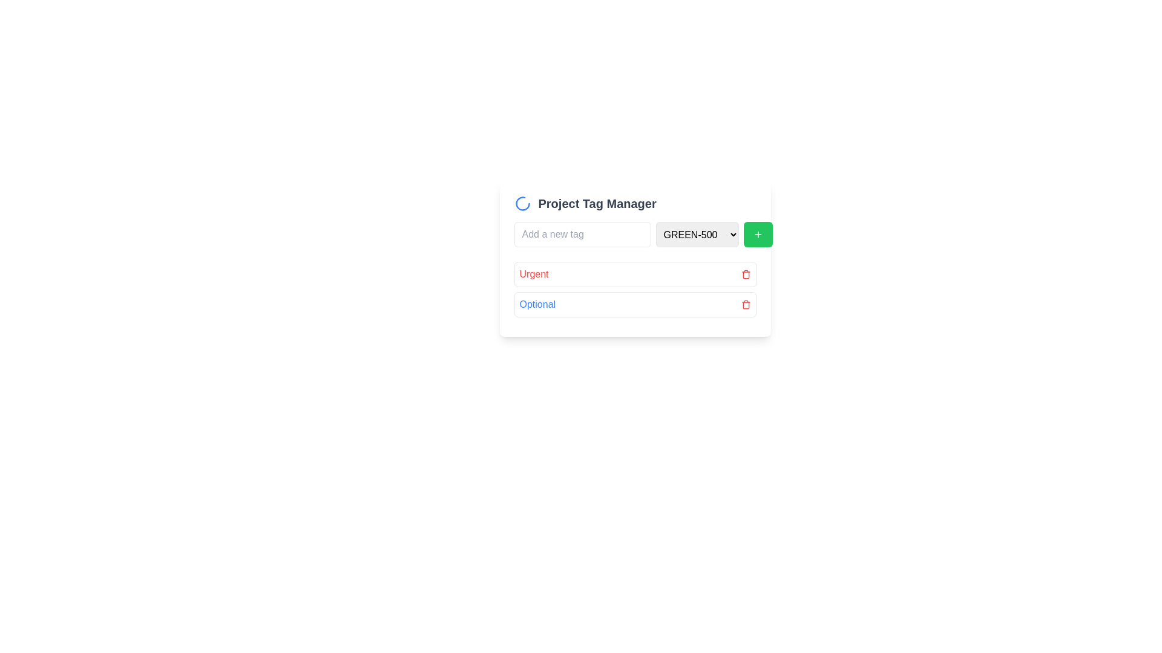 This screenshot has height=653, width=1162. Describe the element at coordinates (697, 235) in the screenshot. I see `the dropdown menu displaying color codes in uppercase with a light gray background and rounded corners, positioned between the 'Add a new tag' input field and a green button with a plus symbol` at that location.